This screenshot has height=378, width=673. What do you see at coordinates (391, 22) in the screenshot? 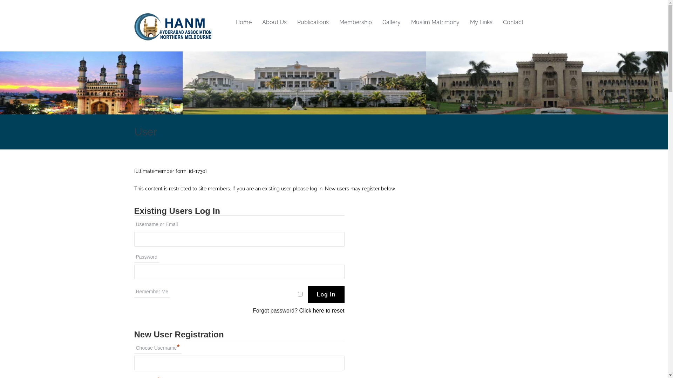
I see `'Gallery'` at bounding box center [391, 22].